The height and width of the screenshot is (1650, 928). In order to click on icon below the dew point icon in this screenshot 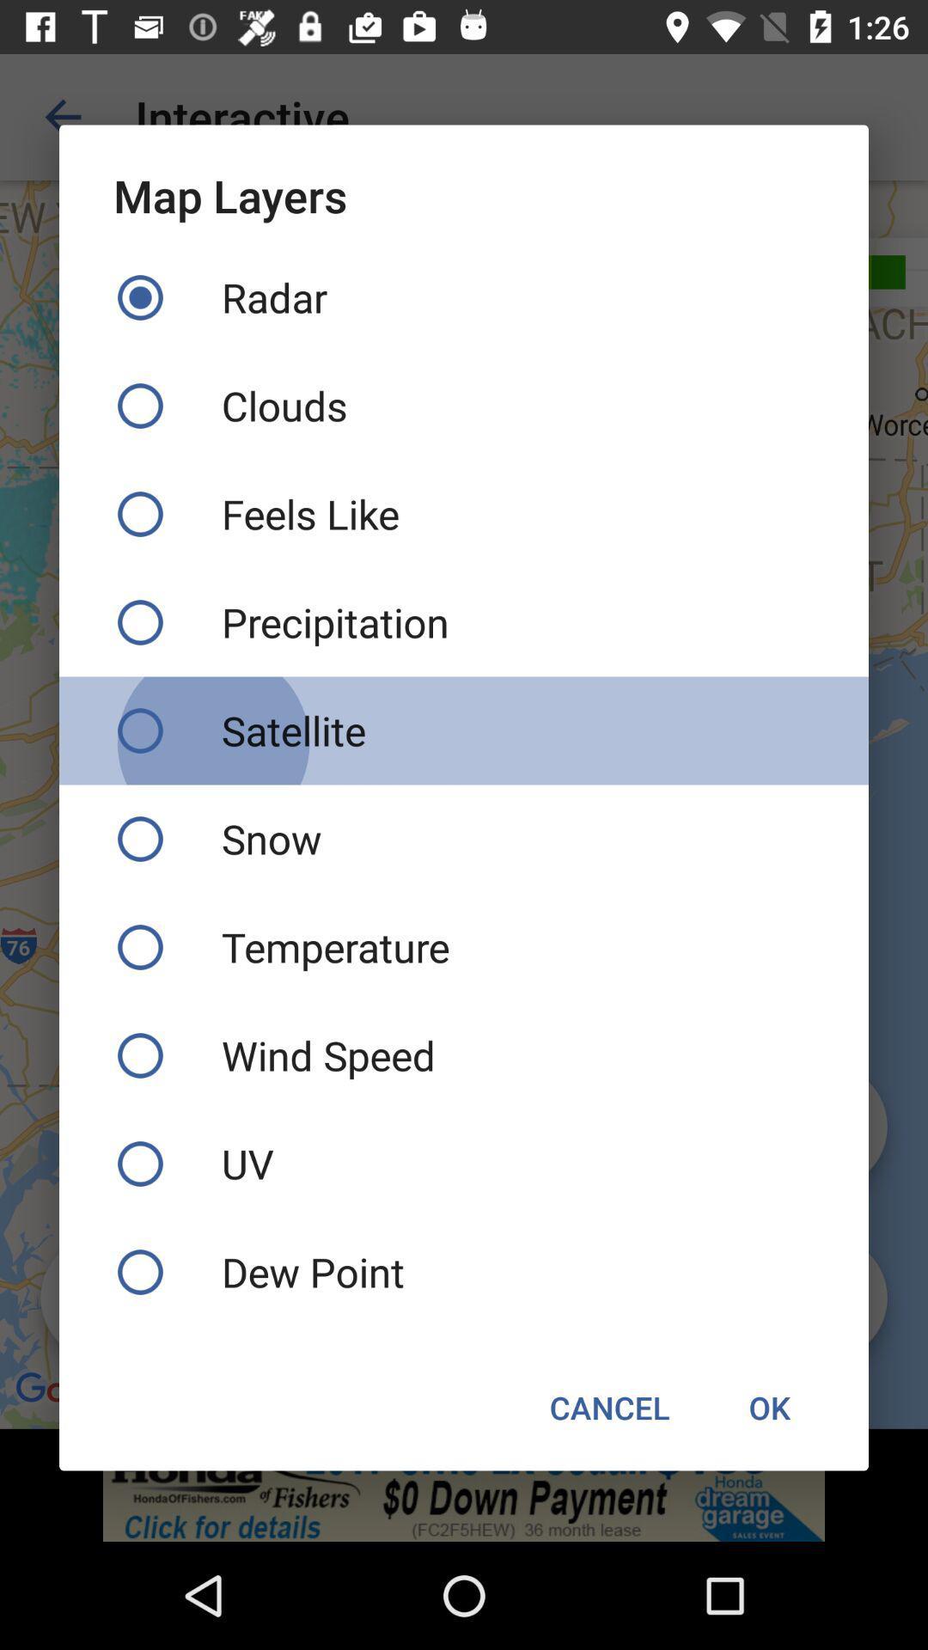, I will do `click(768, 1407)`.